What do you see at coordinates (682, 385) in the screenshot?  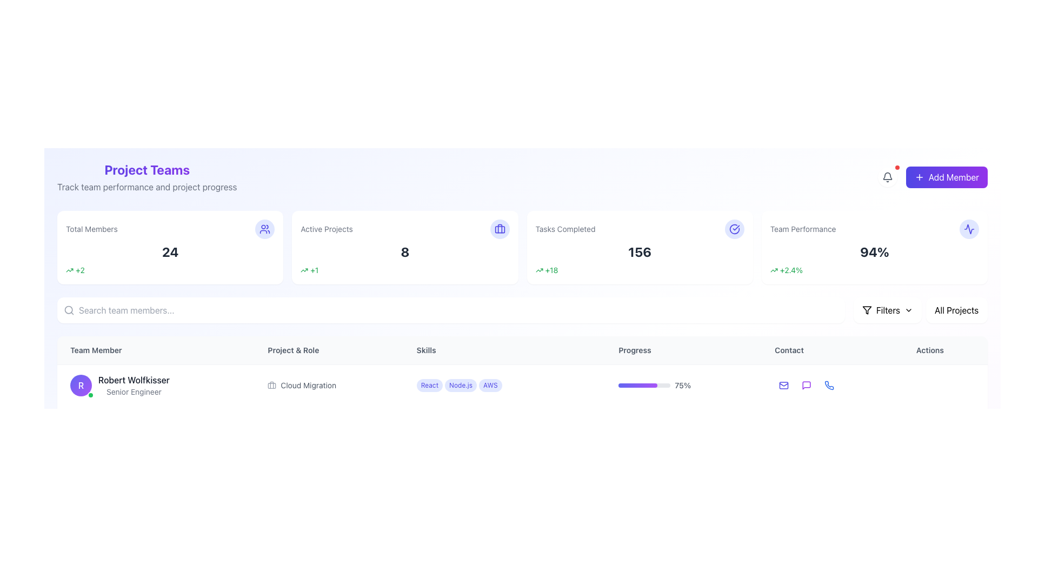 I see `the text label displaying '75%' that is positioned to the right of the progress bar in the 'Progress' column of the table row` at bounding box center [682, 385].